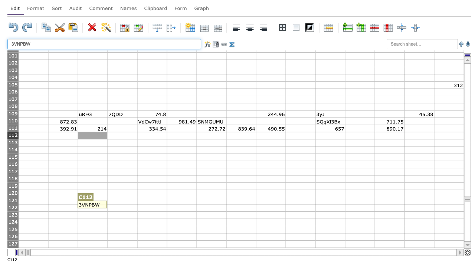 The width and height of the screenshot is (475, 267). What do you see at coordinates (122, 208) in the screenshot?
I see `Col: D, Row: 122` at bounding box center [122, 208].